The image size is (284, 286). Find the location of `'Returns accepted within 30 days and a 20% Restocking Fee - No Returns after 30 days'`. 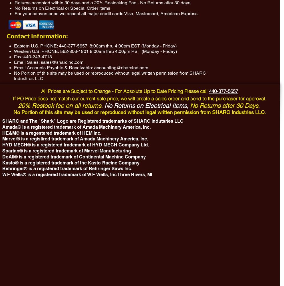

'Returns accepted within 30 days and a 20% Restocking Fee - No Returns after 30 days' is located at coordinates (102, 3).